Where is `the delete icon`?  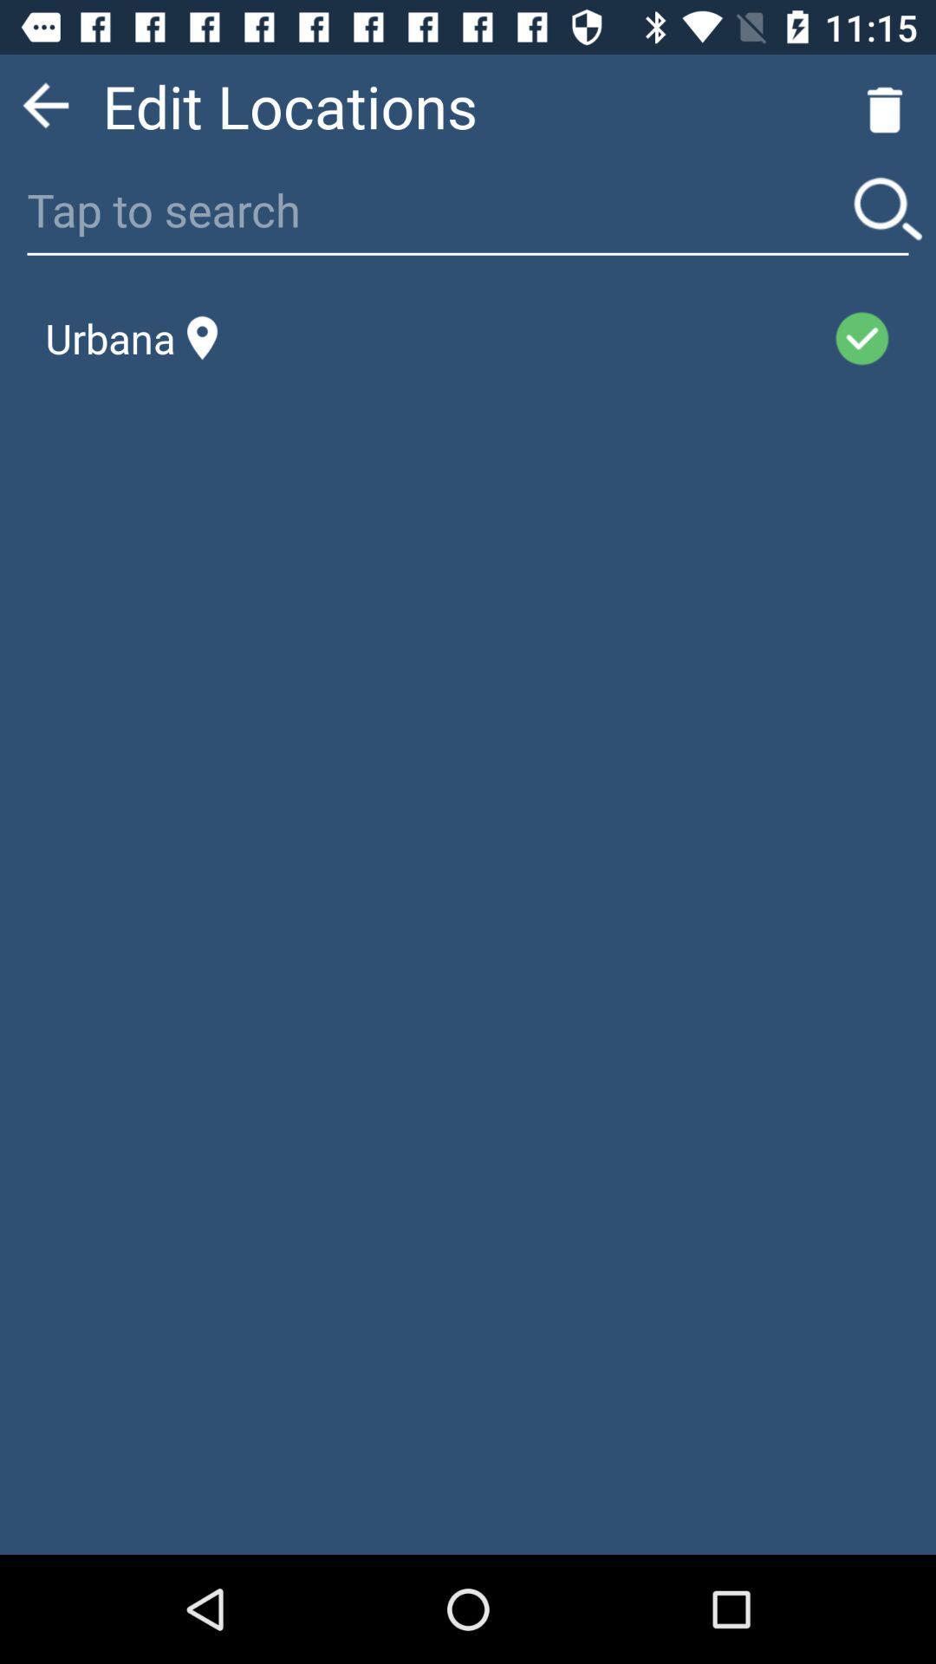
the delete icon is located at coordinates (885, 105).